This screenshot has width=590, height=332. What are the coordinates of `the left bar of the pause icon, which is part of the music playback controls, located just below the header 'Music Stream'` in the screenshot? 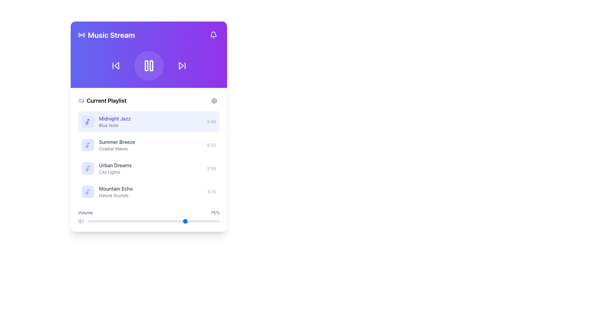 It's located at (146, 65).